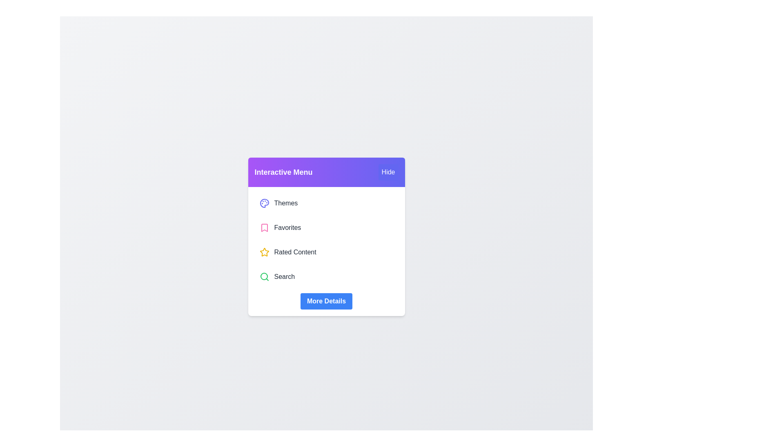 The image size is (784, 441). What do you see at coordinates (326, 301) in the screenshot?
I see `the 'More Details' button` at bounding box center [326, 301].